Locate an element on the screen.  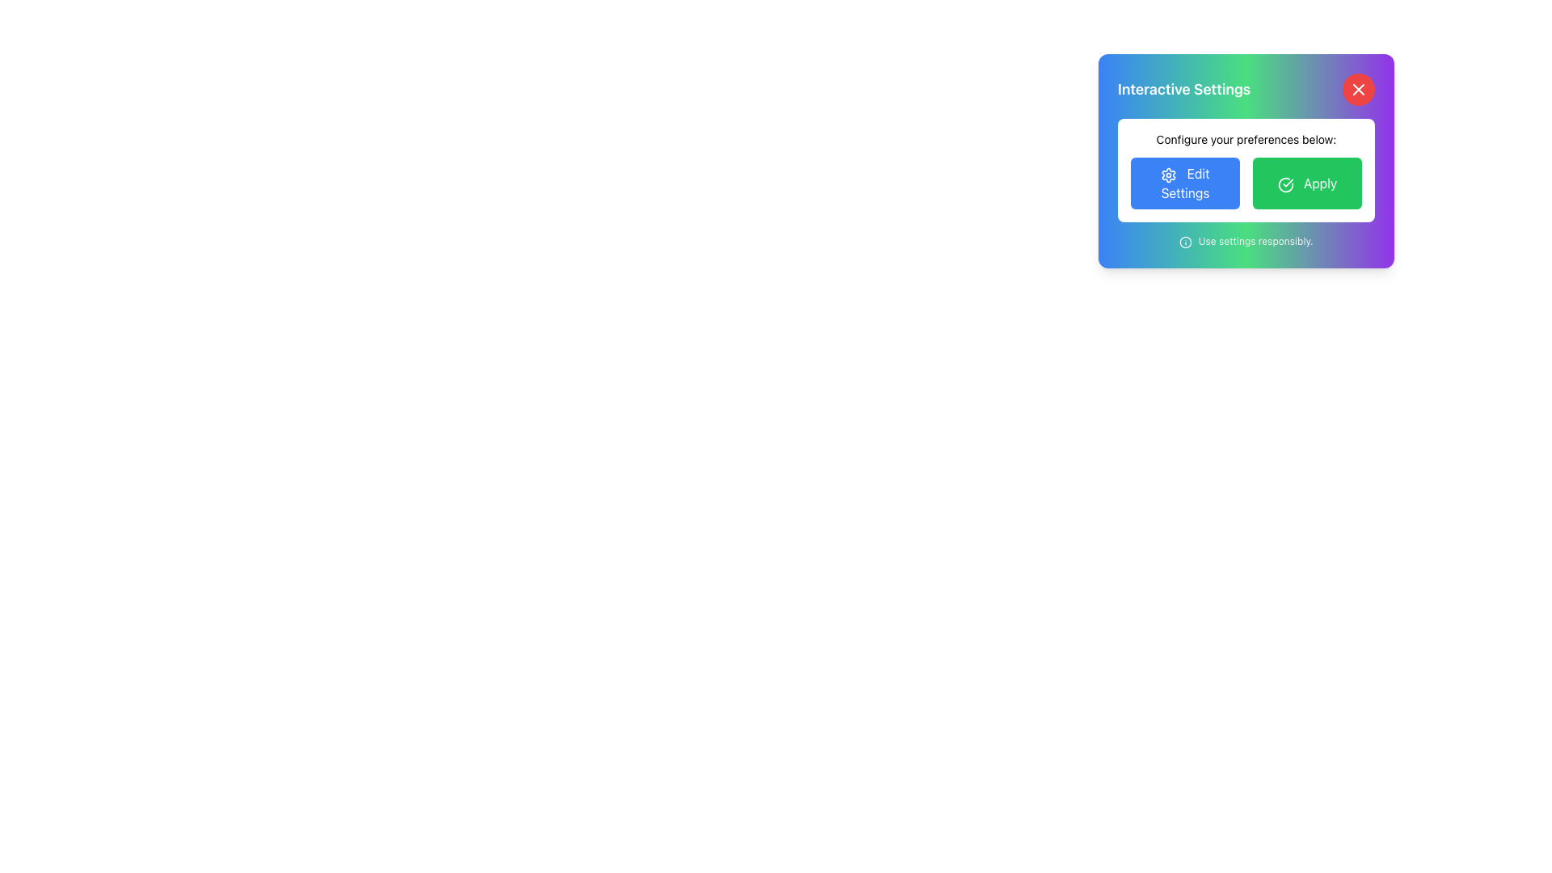
the compact circular informational icon featuring an outlined border and centered 'i' glyph, located to the left of the 'Use settings responsibly.' text in the footer of the modal interface is located at coordinates (1186, 242).